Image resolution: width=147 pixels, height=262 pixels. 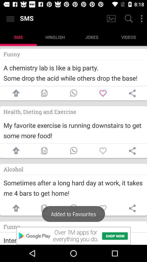 What do you see at coordinates (15, 151) in the screenshot?
I see `add to facebook` at bounding box center [15, 151].